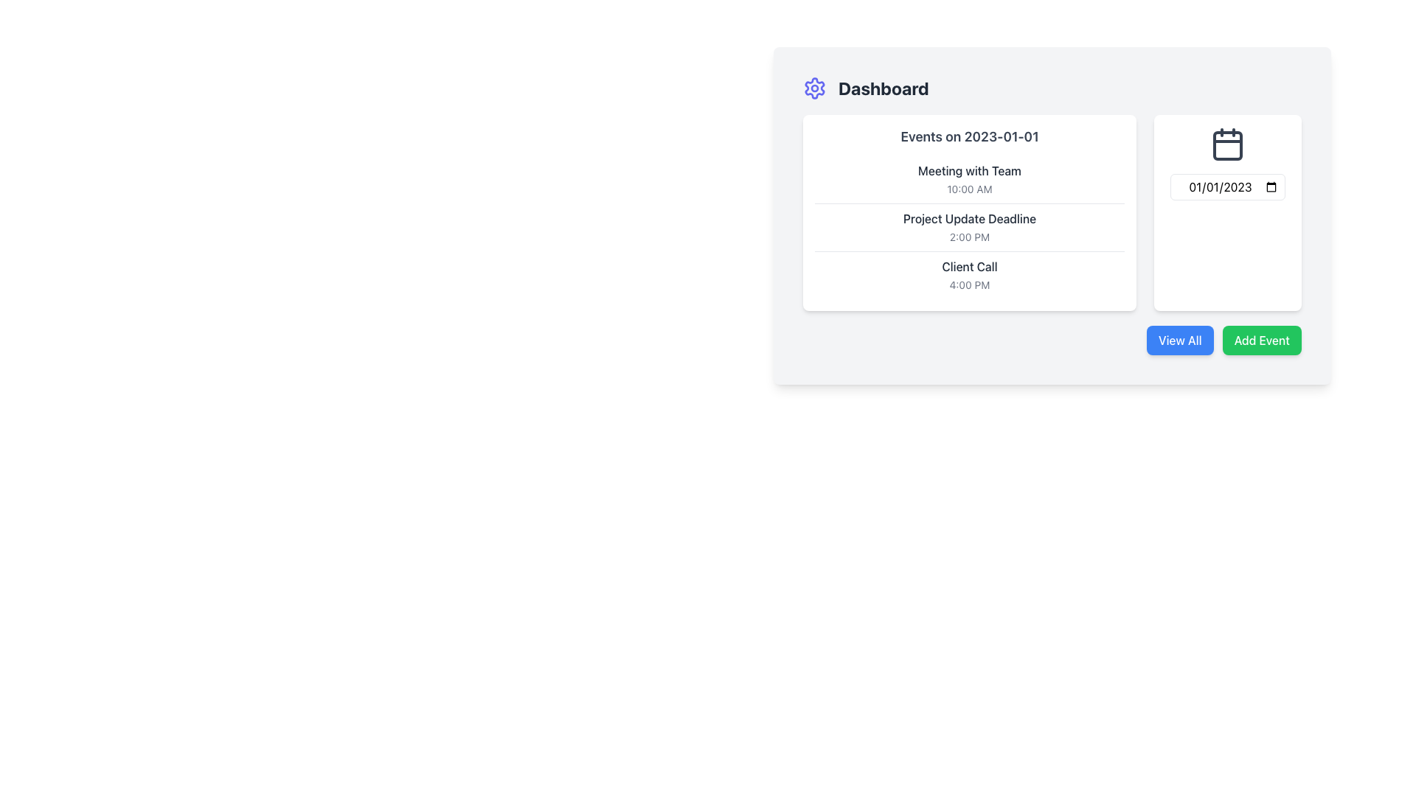 The image size is (1416, 796). I want to click on the Text Display representing the appointment titled 'Client Call' at 4:00 PM, which is the third item in the vertically stacked list, so click(970, 275).